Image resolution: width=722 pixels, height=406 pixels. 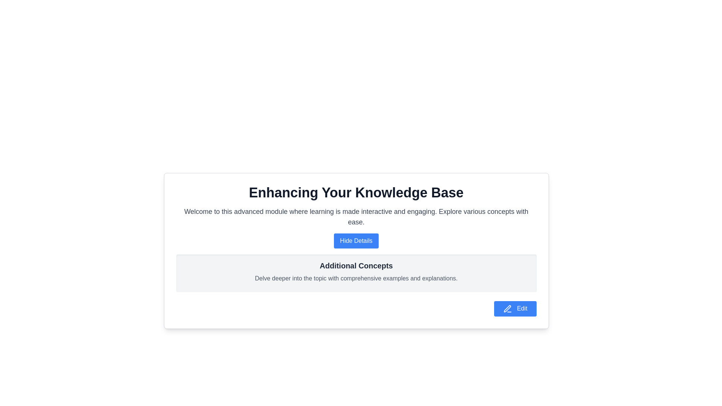 What do you see at coordinates (508, 309) in the screenshot?
I see `the pen icon located to the right of the 'Edit' button at the bottom-right corner of the card interface to initiate editing functionality` at bounding box center [508, 309].